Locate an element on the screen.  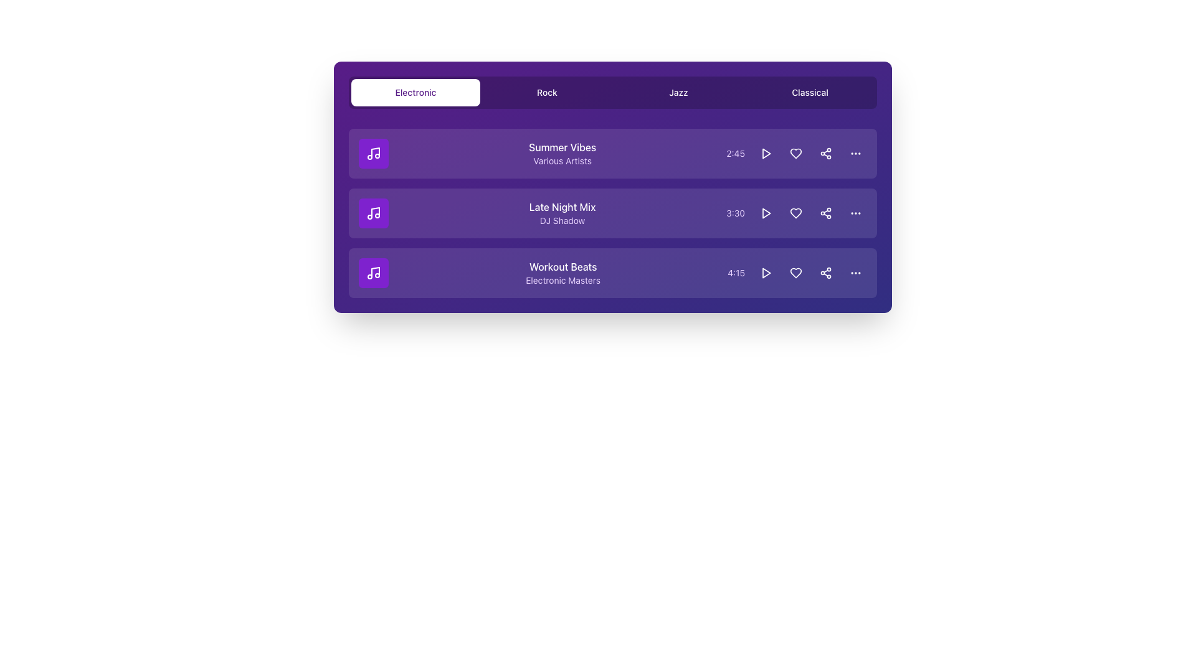
the 'Classical' genre button located at the top-right corner of the interface to trigger the hover effect is located at coordinates (810, 92).